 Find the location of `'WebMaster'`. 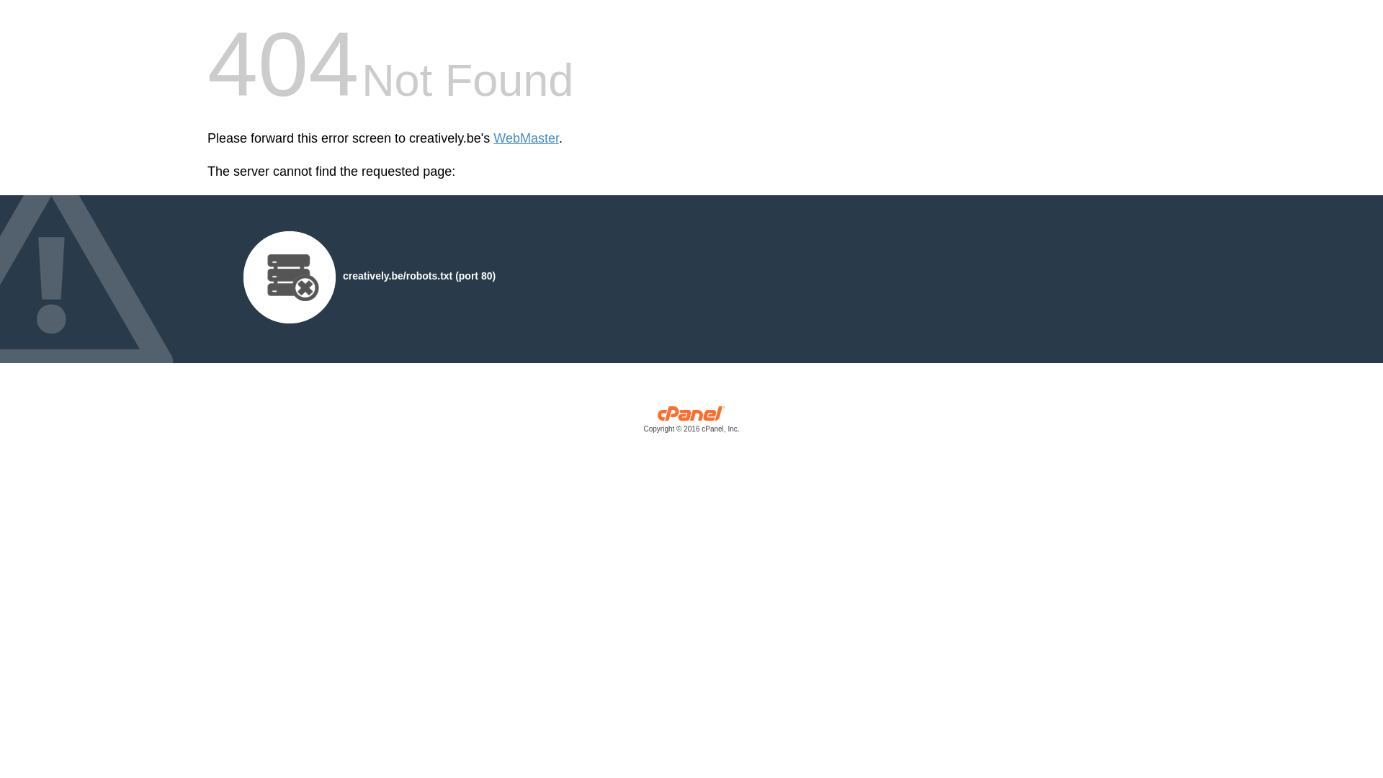

'WebMaster' is located at coordinates (493, 138).